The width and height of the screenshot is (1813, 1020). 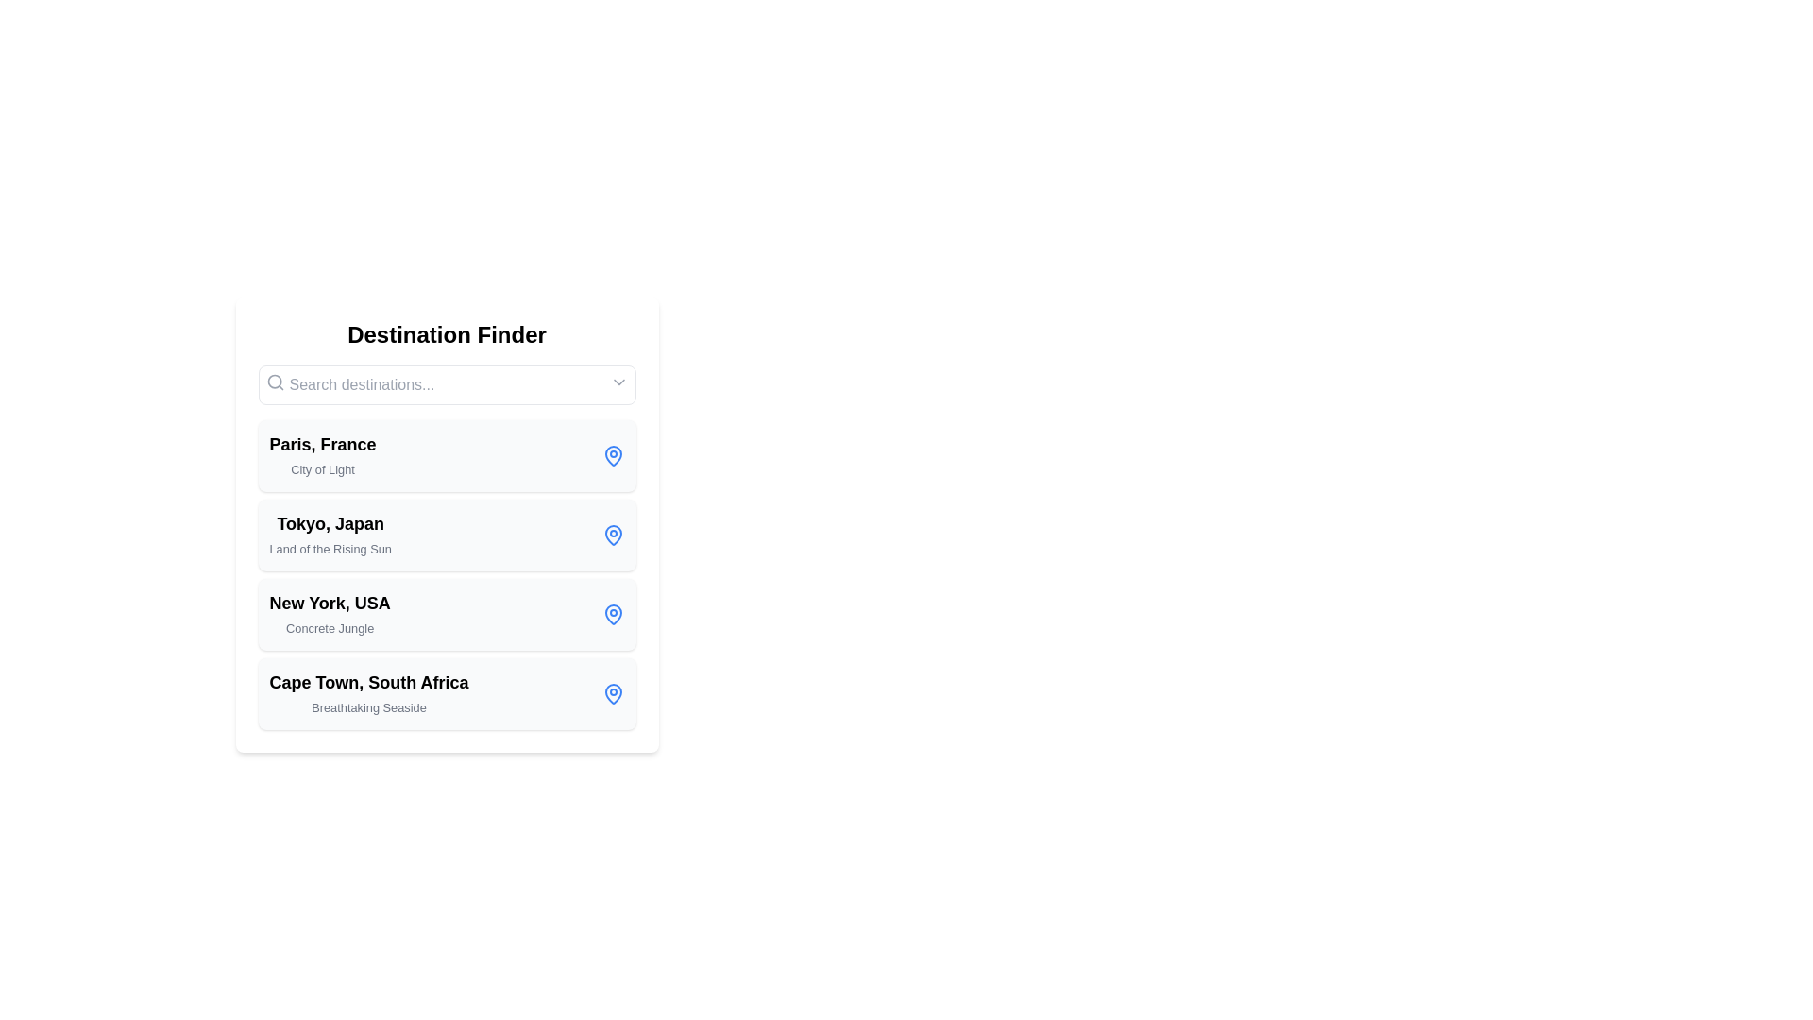 I want to click on the gray-colored magnifying glass search icon located in the top-left corner of the search bar input field, so click(x=274, y=382).